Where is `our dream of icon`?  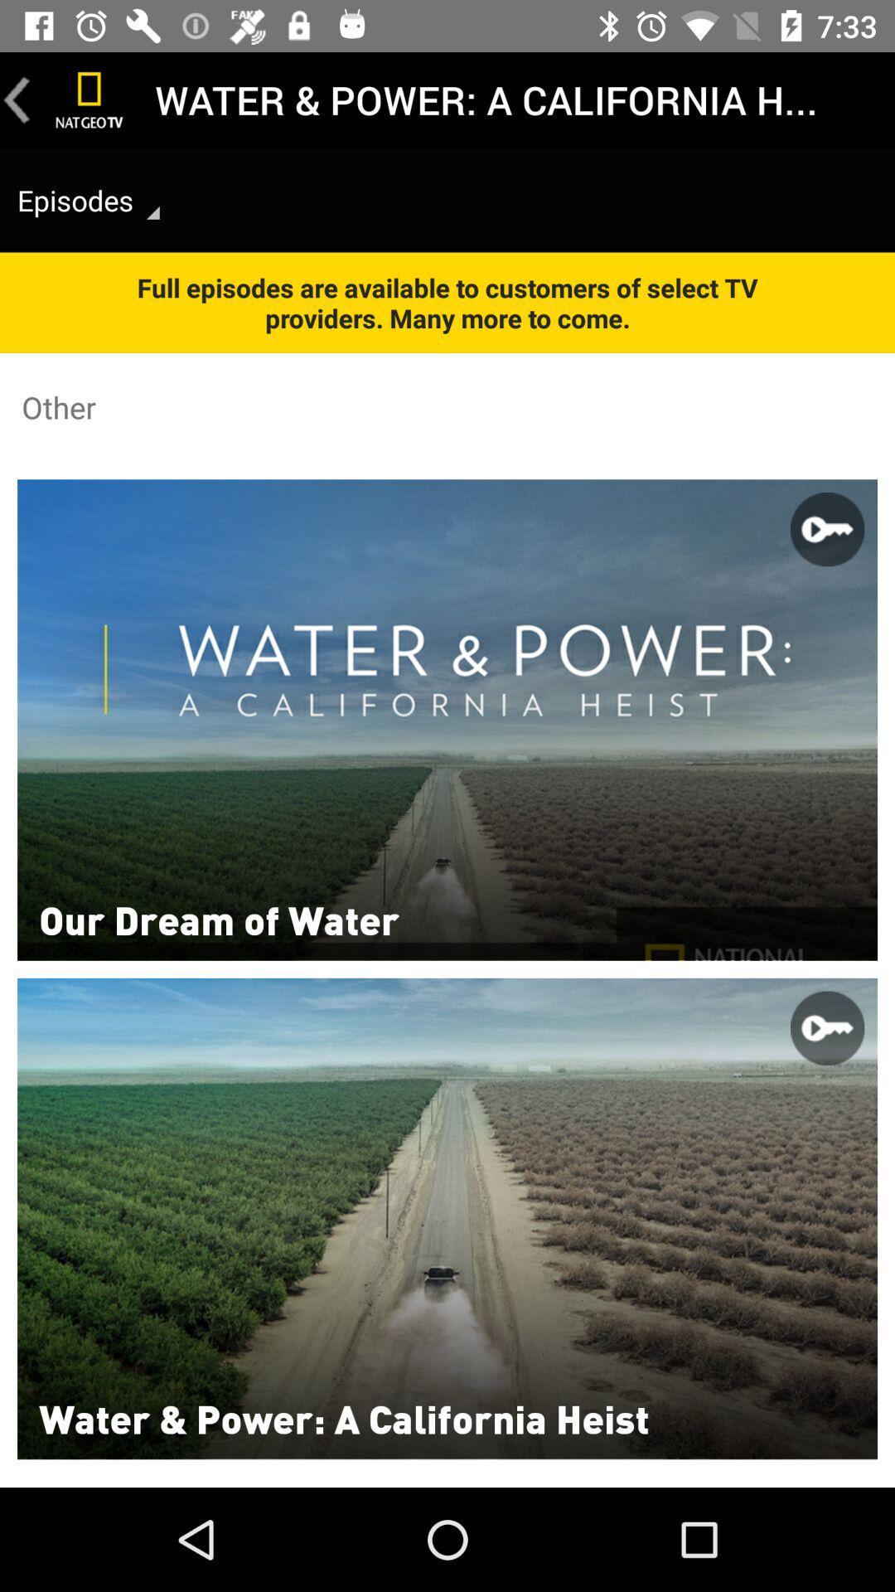 our dream of icon is located at coordinates (218, 918).